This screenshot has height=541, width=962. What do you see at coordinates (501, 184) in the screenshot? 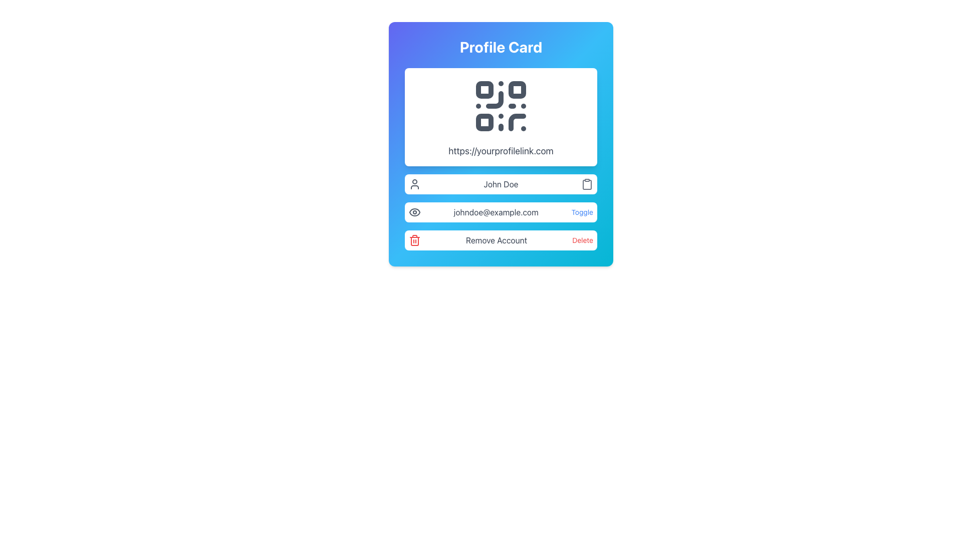
I see `the Text label displaying the user's name 'John Doe', which is centrally aligned in the Profile Card section and positioned above the email entry` at bounding box center [501, 184].